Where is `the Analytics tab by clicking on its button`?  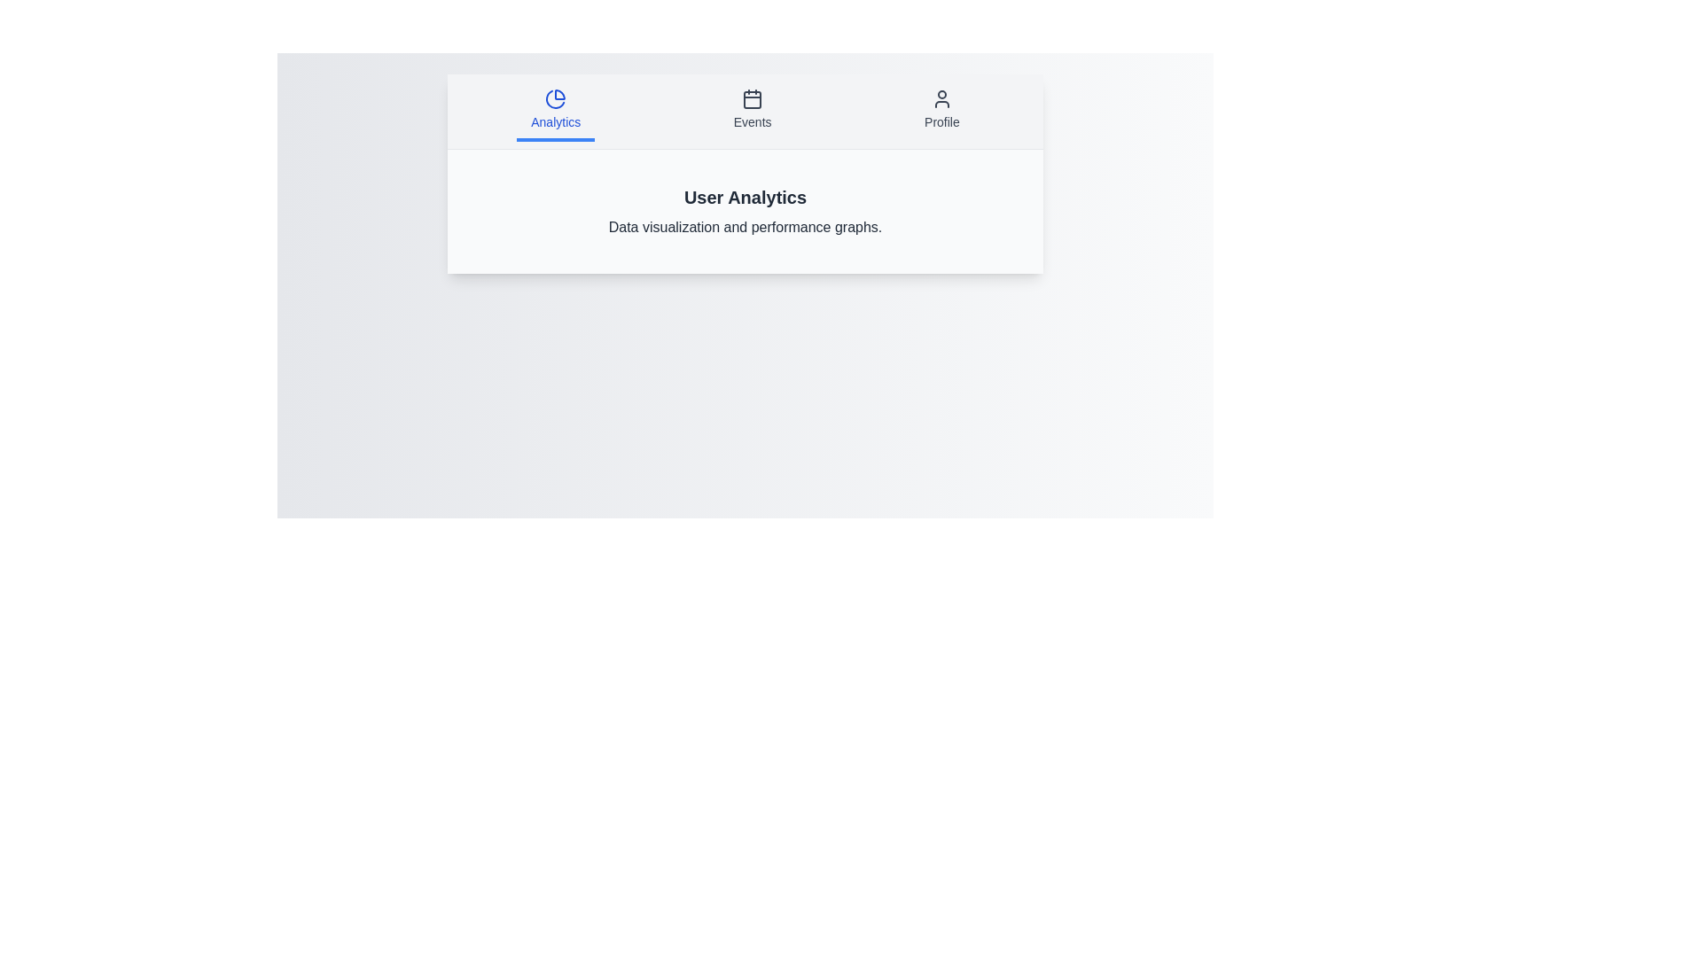
the Analytics tab by clicking on its button is located at coordinates (555, 112).